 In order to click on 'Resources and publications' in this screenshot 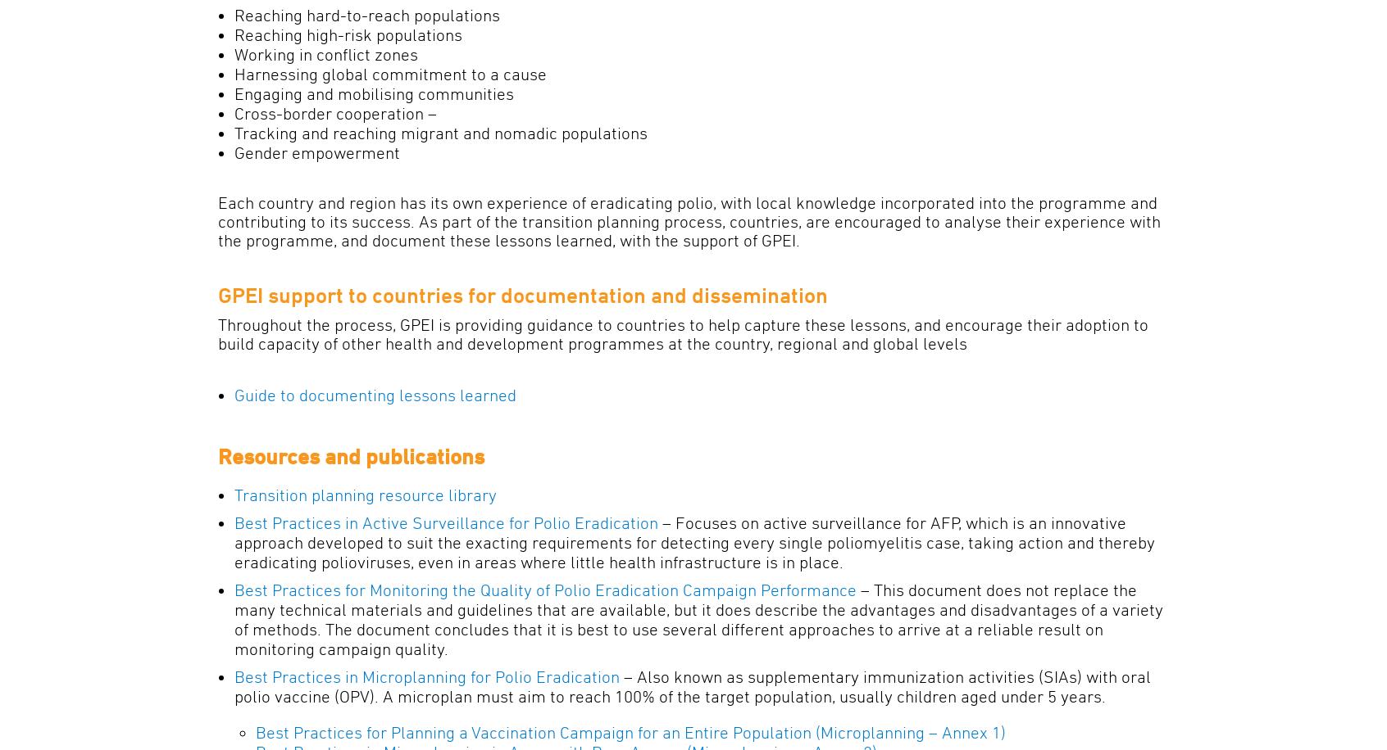, I will do `click(217, 455)`.